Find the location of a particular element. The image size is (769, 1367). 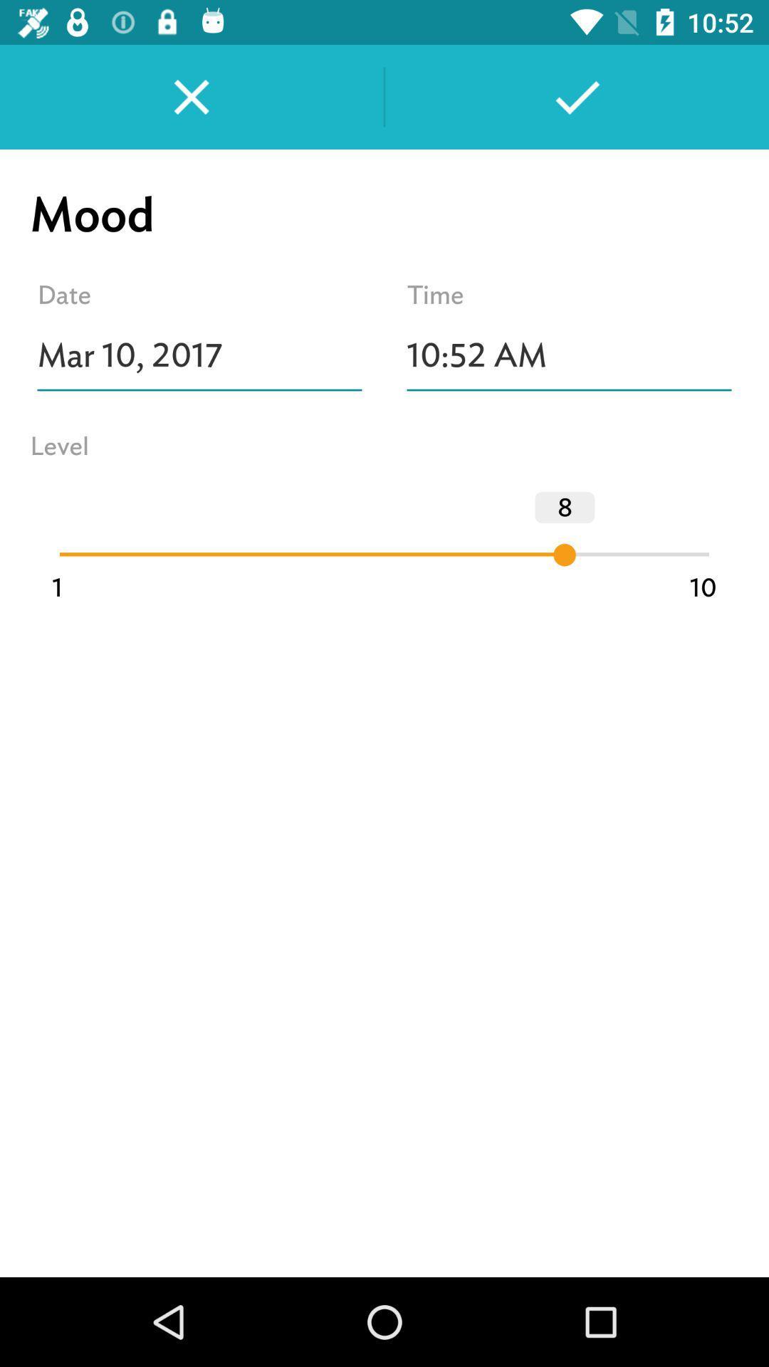

item next to 10:52 am icon is located at coordinates (199, 355).